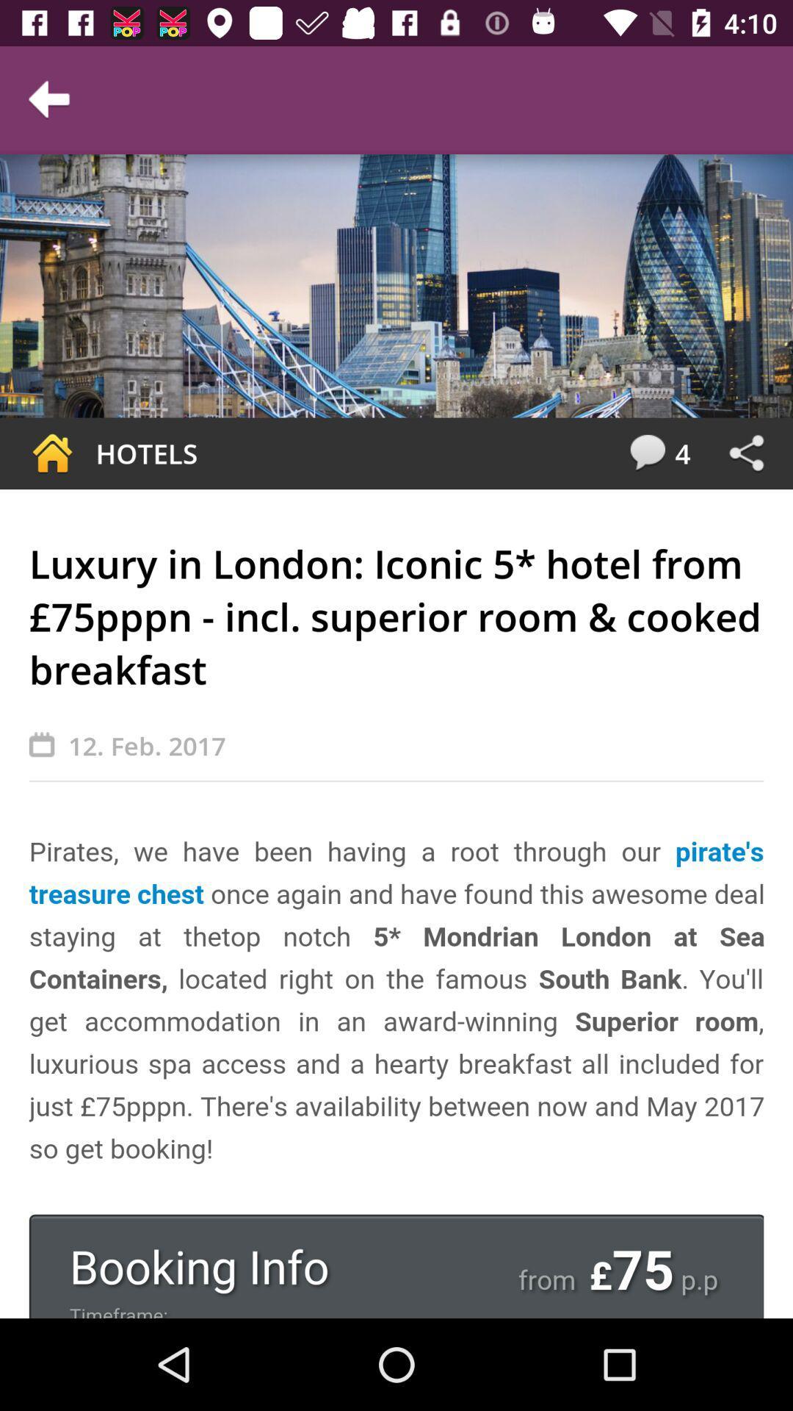 The image size is (793, 1411). I want to click on link to book hotel, so click(396, 1074).